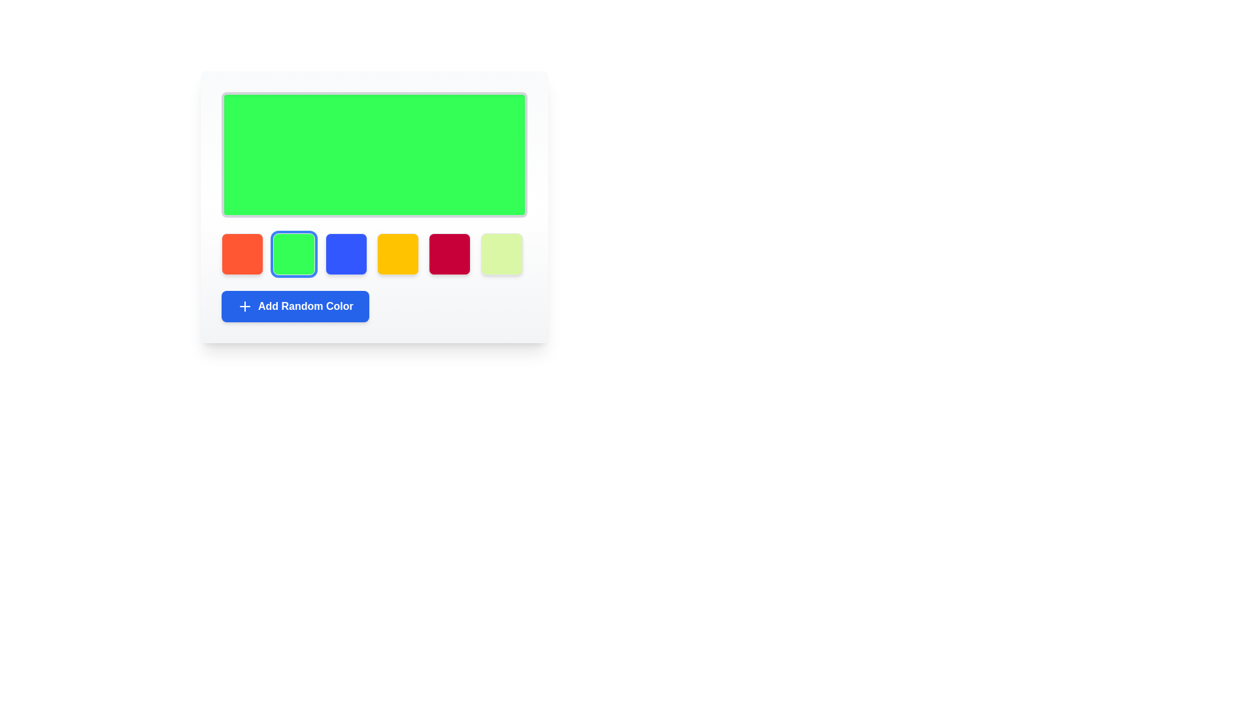  What do you see at coordinates (293, 254) in the screenshot?
I see `the interactive color button, which is the second item in a row of six located below the green rectangular area` at bounding box center [293, 254].